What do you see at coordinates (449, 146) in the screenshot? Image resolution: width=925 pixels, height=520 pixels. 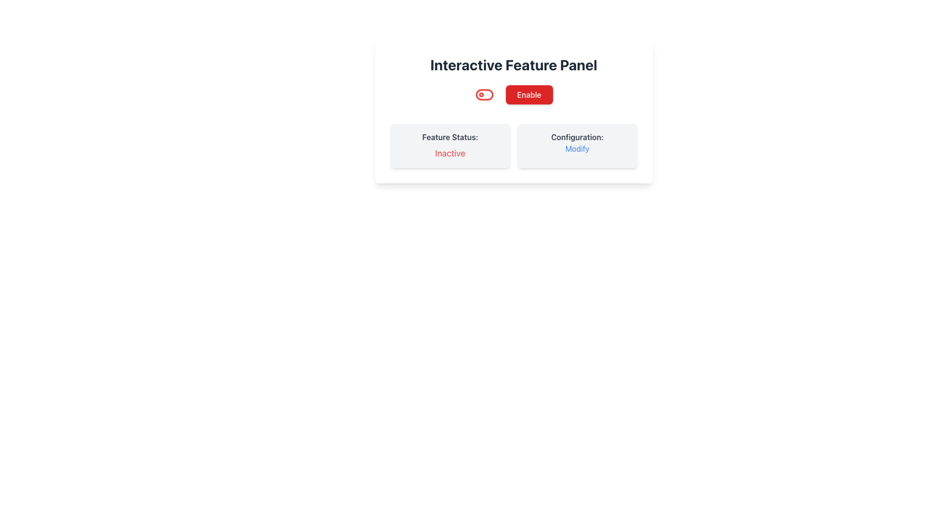 I see `the Display component that shows 'Feature Status:' in gray and 'Inactive' in red, located in the left cell of a two-column grid layout within the 'Interactive Feature Panel'` at bounding box center [449, 146].